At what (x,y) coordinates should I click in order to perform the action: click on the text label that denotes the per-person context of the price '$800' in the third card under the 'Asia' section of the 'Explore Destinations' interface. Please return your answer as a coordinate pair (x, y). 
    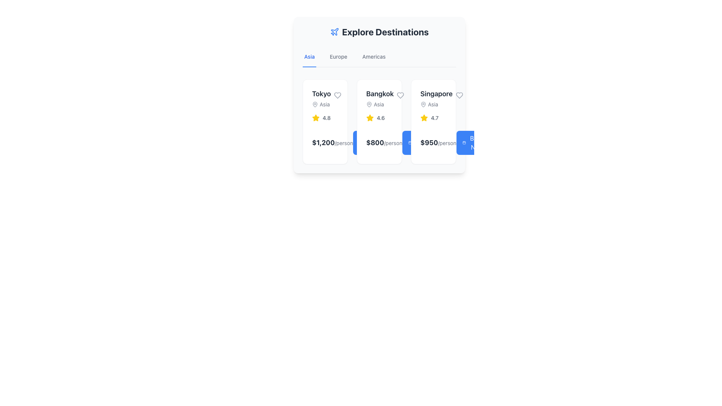
    Looking at the image, I should click on (393, 143).